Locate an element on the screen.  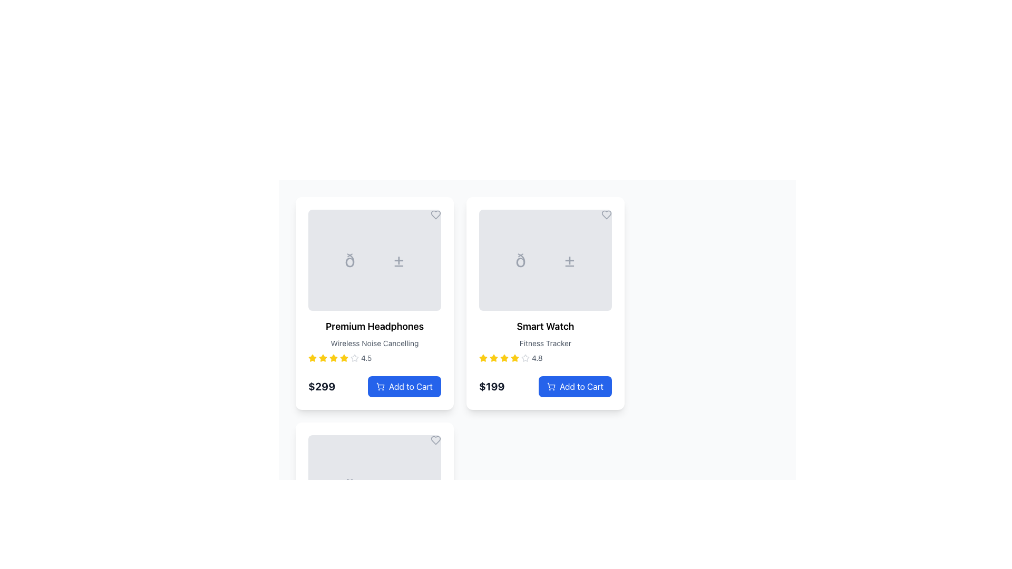
the rectangular image placeholder component with rounded corners and a '📱' emoji, located at the top-center of the 'Smart Watch' product card is located at coordinates (546, 260).